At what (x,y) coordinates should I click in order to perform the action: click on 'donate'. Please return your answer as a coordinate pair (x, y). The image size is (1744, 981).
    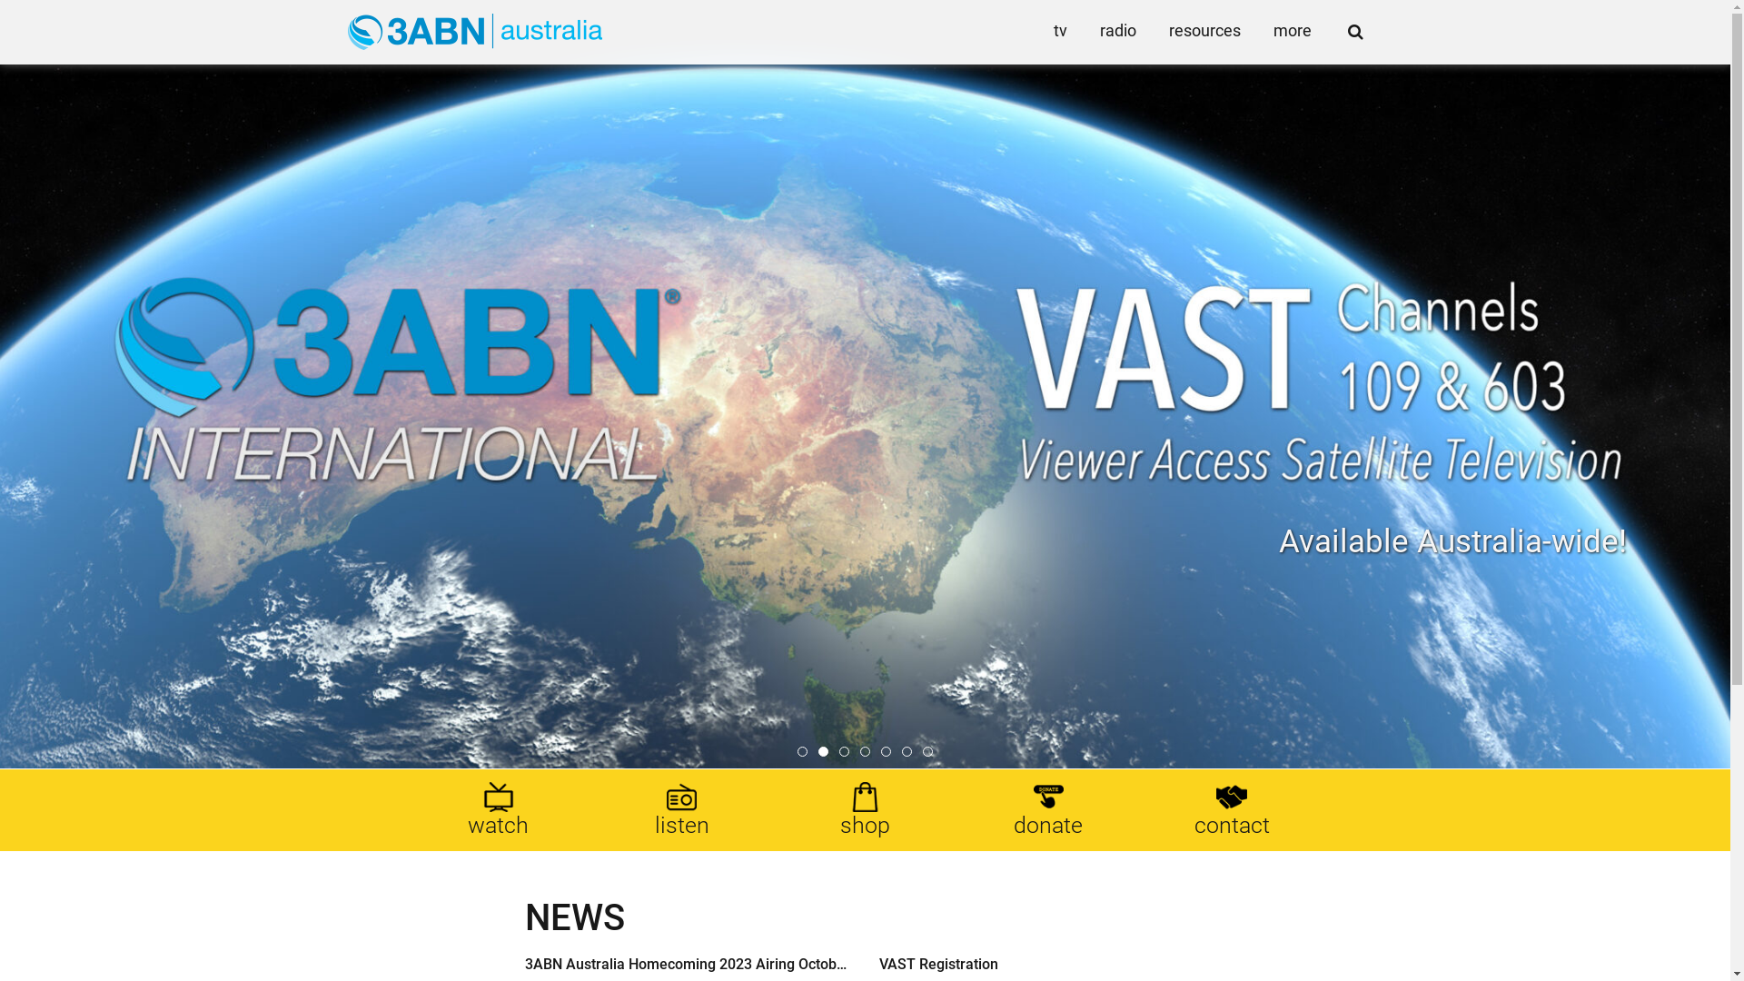
    Looking at the image, I should click on (1047, 808).